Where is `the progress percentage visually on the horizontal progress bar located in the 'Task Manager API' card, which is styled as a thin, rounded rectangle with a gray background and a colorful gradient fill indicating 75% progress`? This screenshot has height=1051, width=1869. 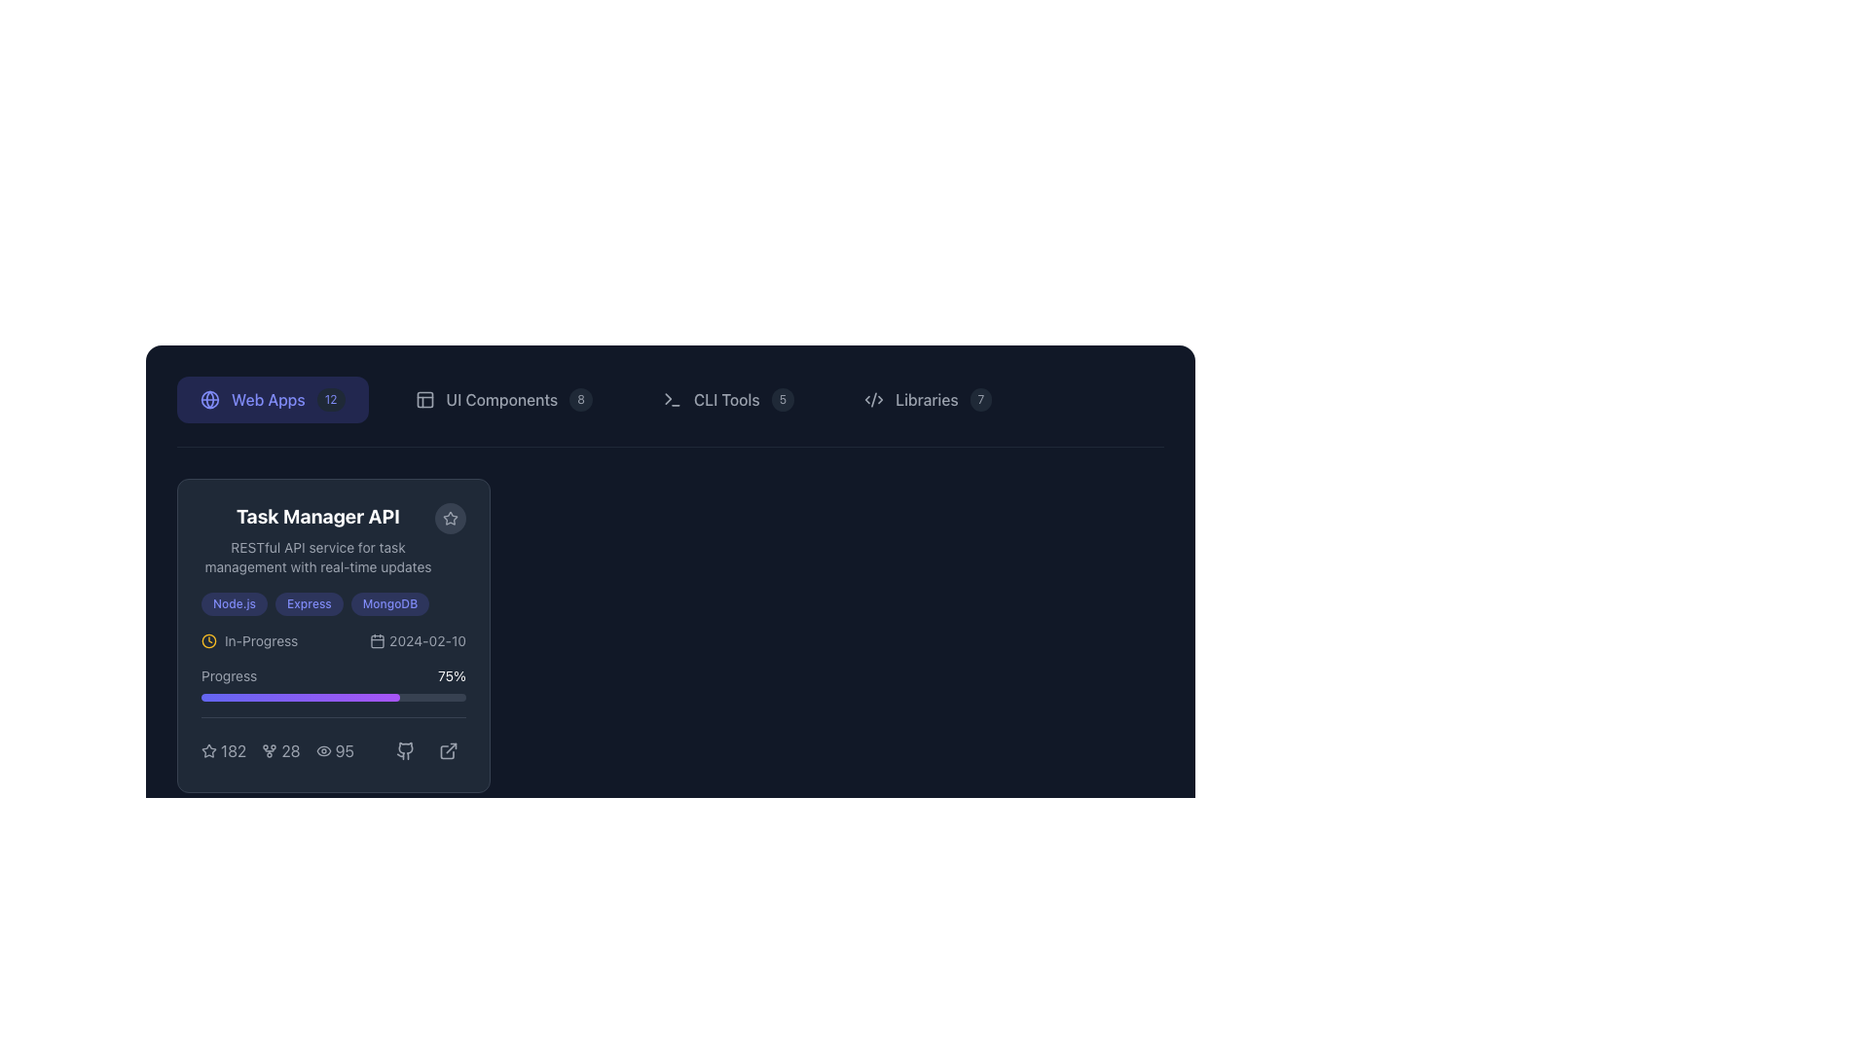 the progress percentage visually on the horizontal progress bar located in the 'Task Manager API' card, which is styled as a thin, rounded rectangle with a gray background and a colorful gradient fill indicating 75% progress is located at coordinates (333, 697).